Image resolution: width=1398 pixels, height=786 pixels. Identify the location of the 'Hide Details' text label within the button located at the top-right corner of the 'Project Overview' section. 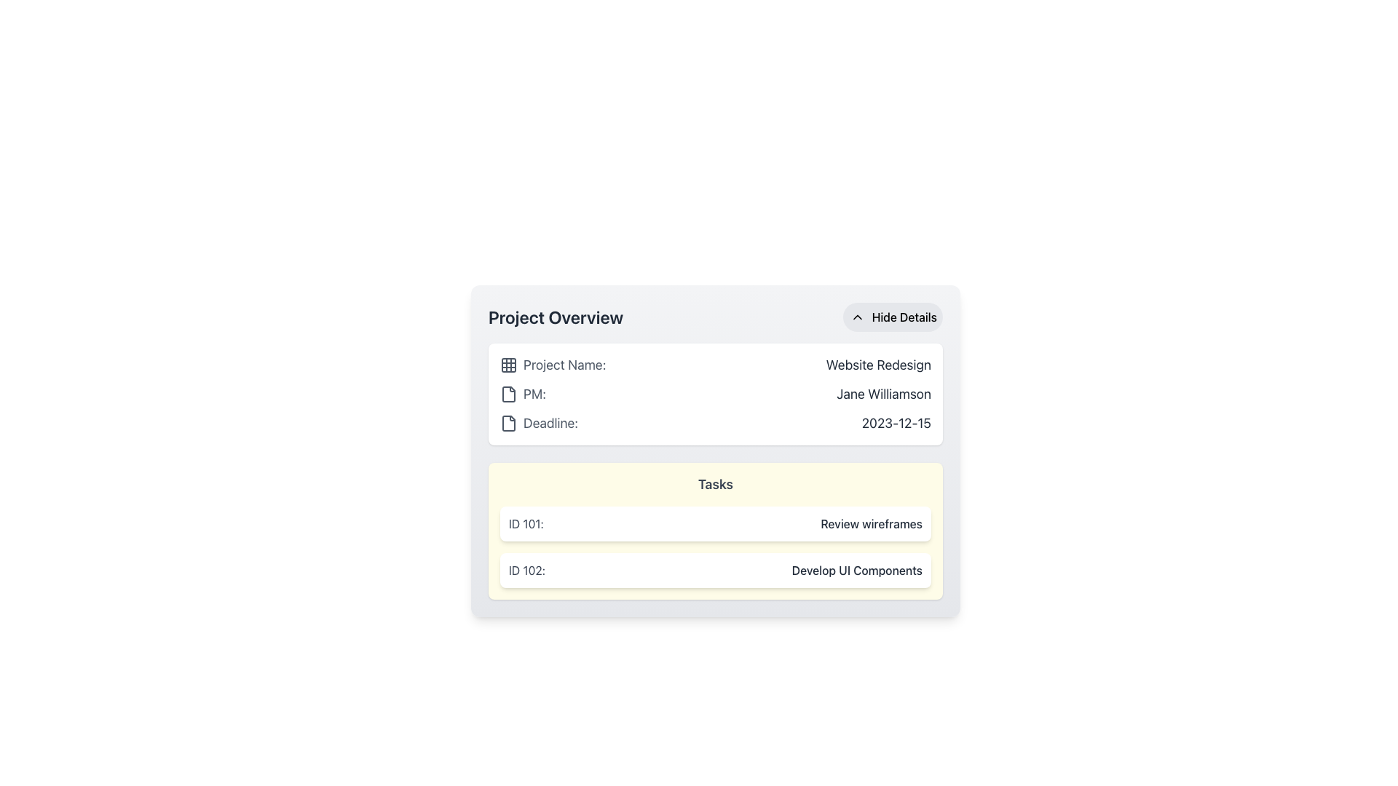
(904, 316).